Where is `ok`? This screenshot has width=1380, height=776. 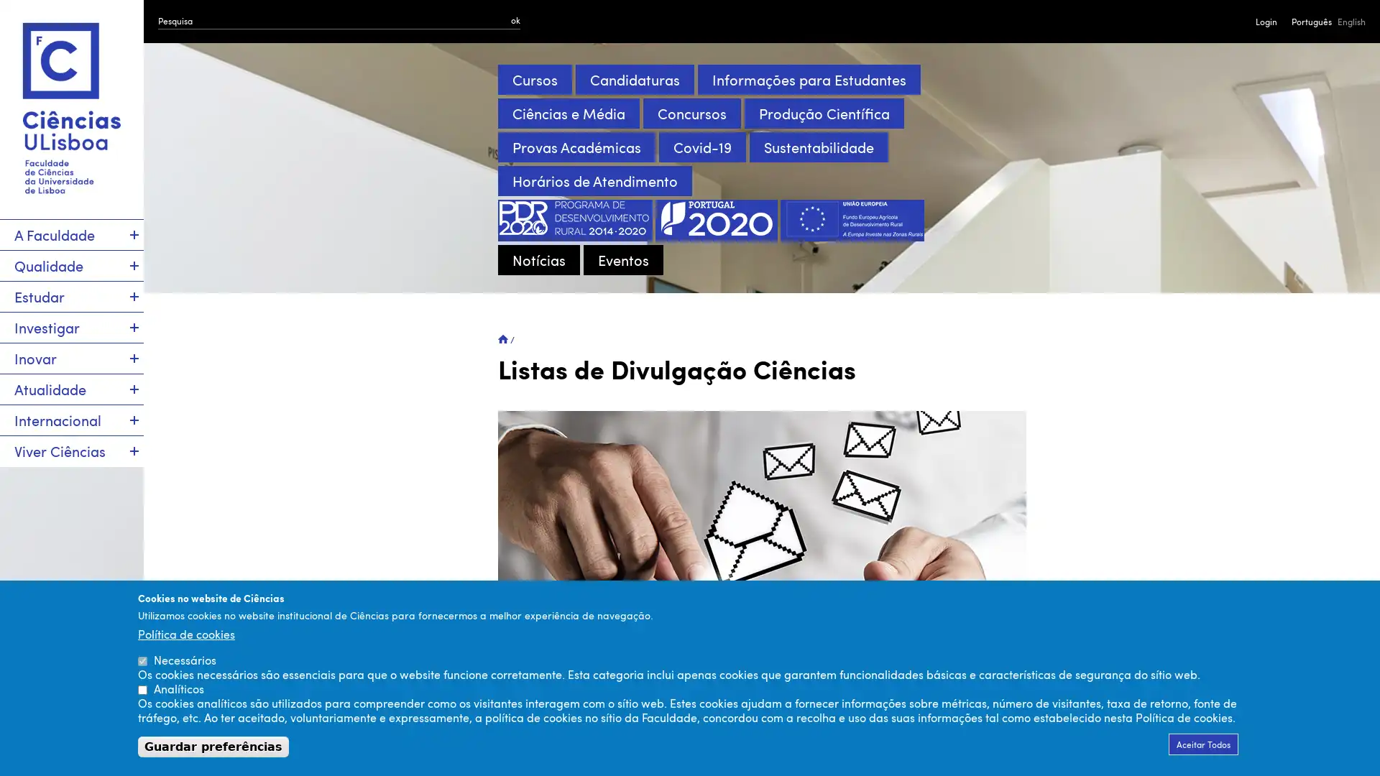 ok is located at coordinates (515, 19).